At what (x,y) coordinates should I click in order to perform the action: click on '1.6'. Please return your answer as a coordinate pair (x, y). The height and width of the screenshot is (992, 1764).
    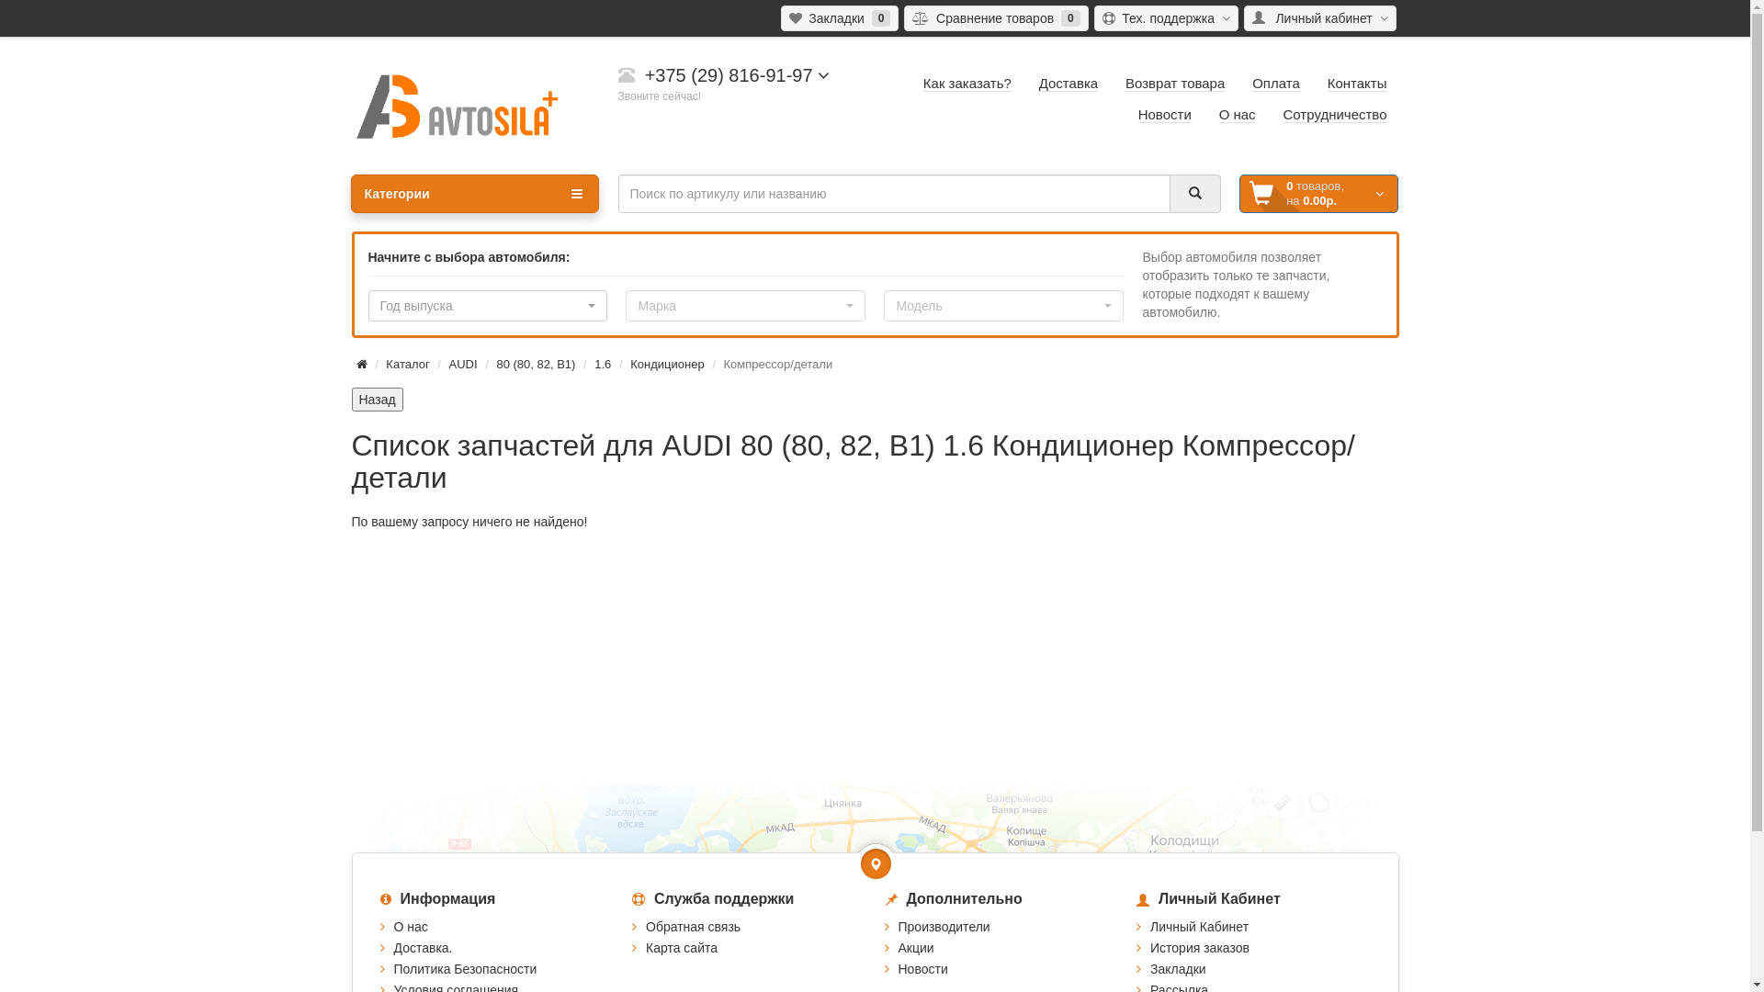
    Looking at the image, I should click on (603, 364).